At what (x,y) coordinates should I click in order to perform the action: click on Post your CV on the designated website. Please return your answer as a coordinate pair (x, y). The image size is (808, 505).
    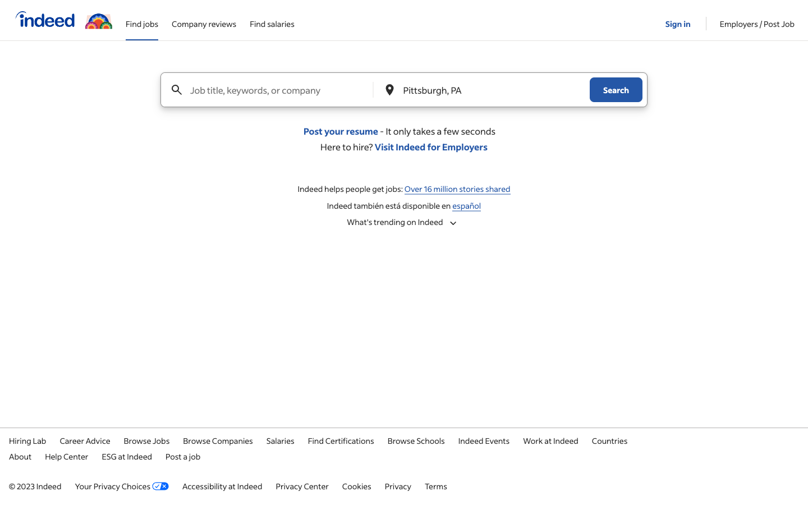
    Looking at the image, I should click on (340, 130).